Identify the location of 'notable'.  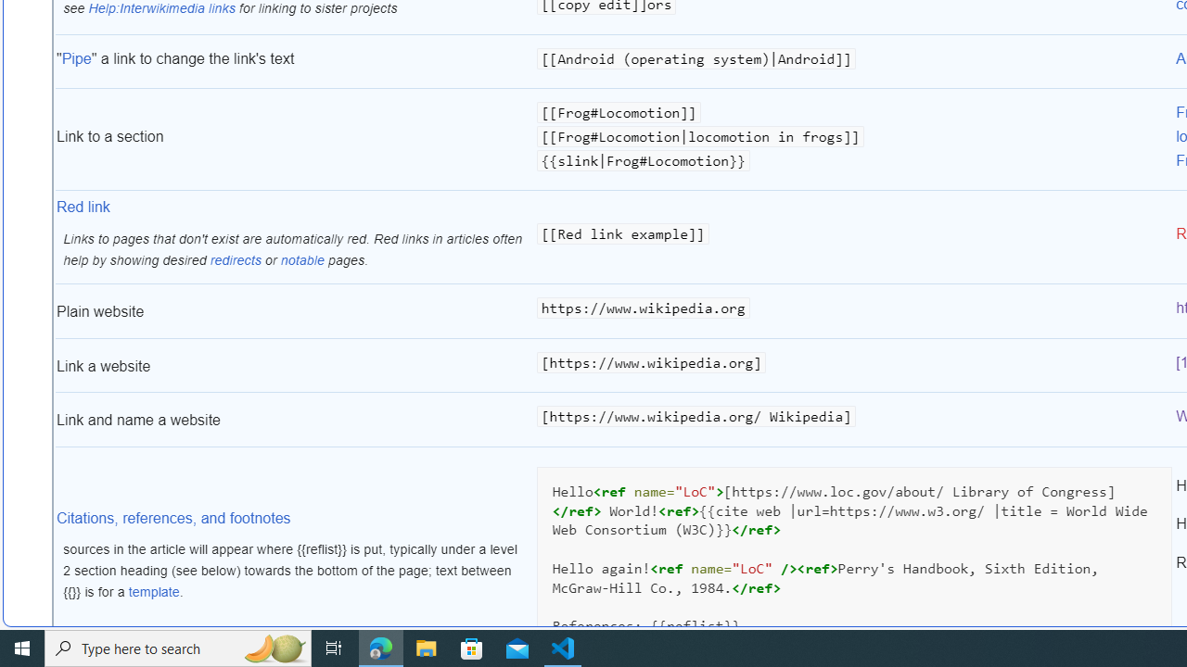
(301, 259).